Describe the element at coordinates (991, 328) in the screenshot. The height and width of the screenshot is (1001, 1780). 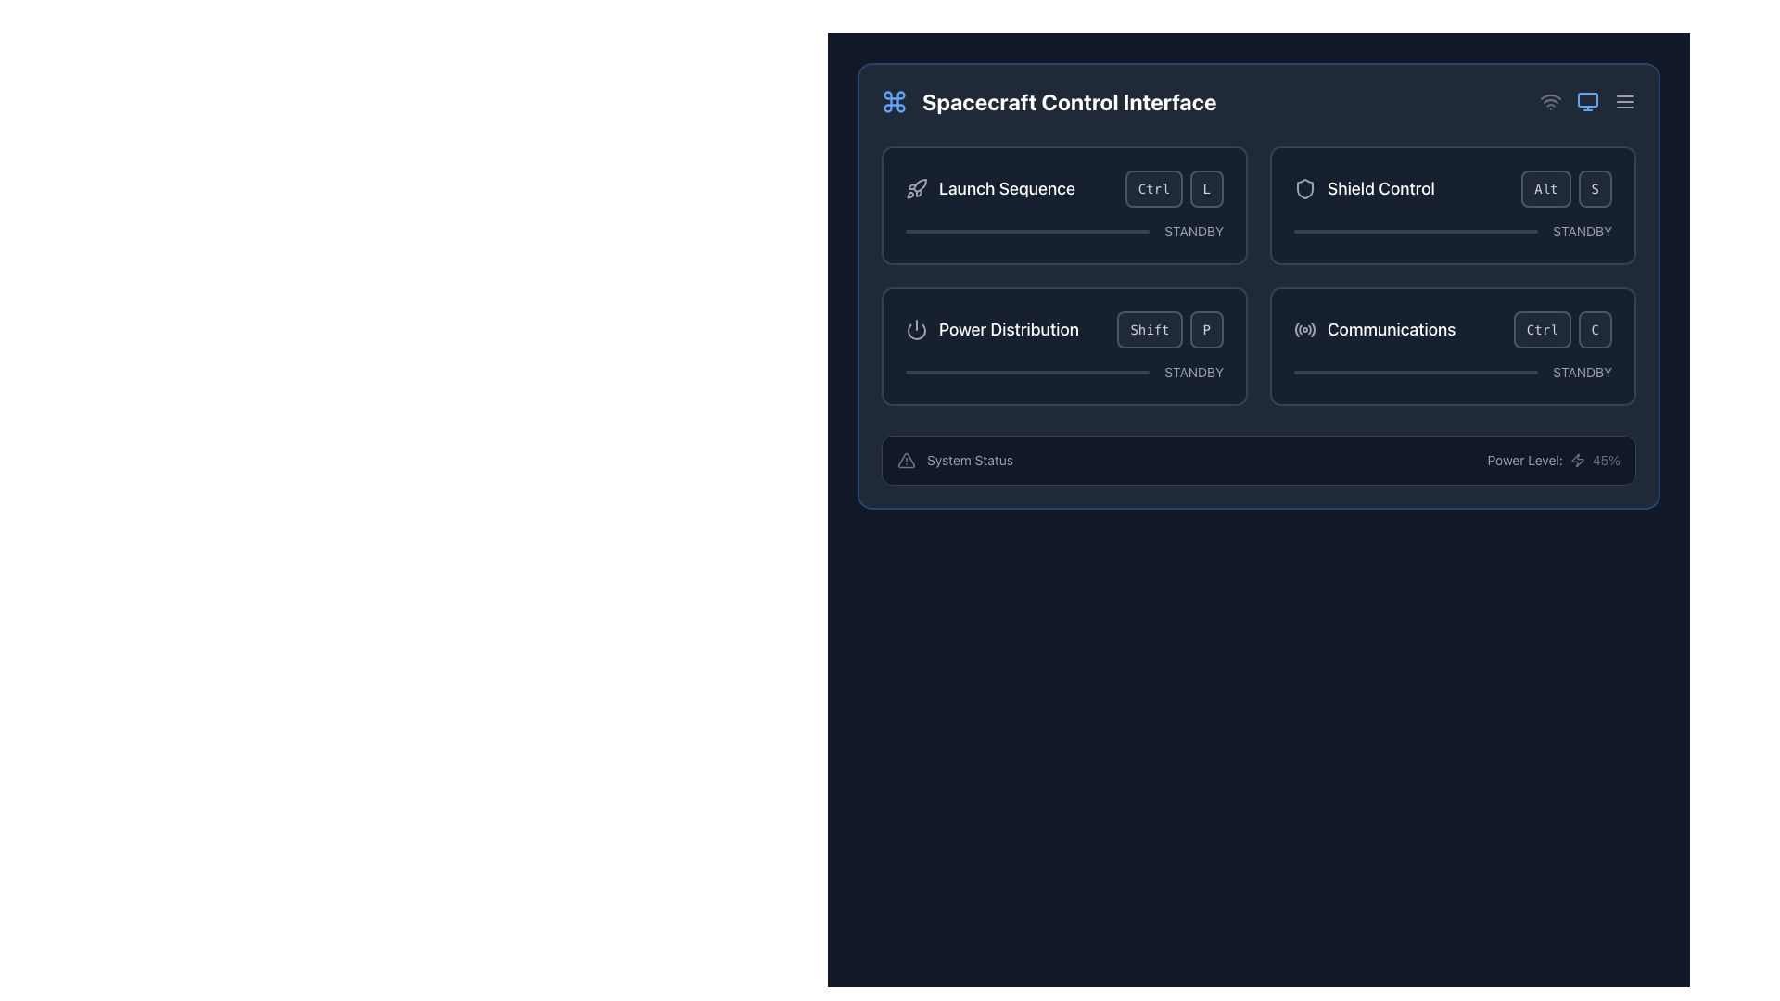
I see `the 'Power Distribution' text with icon in the 'Spacecraft Control Interface' panel` at that location.